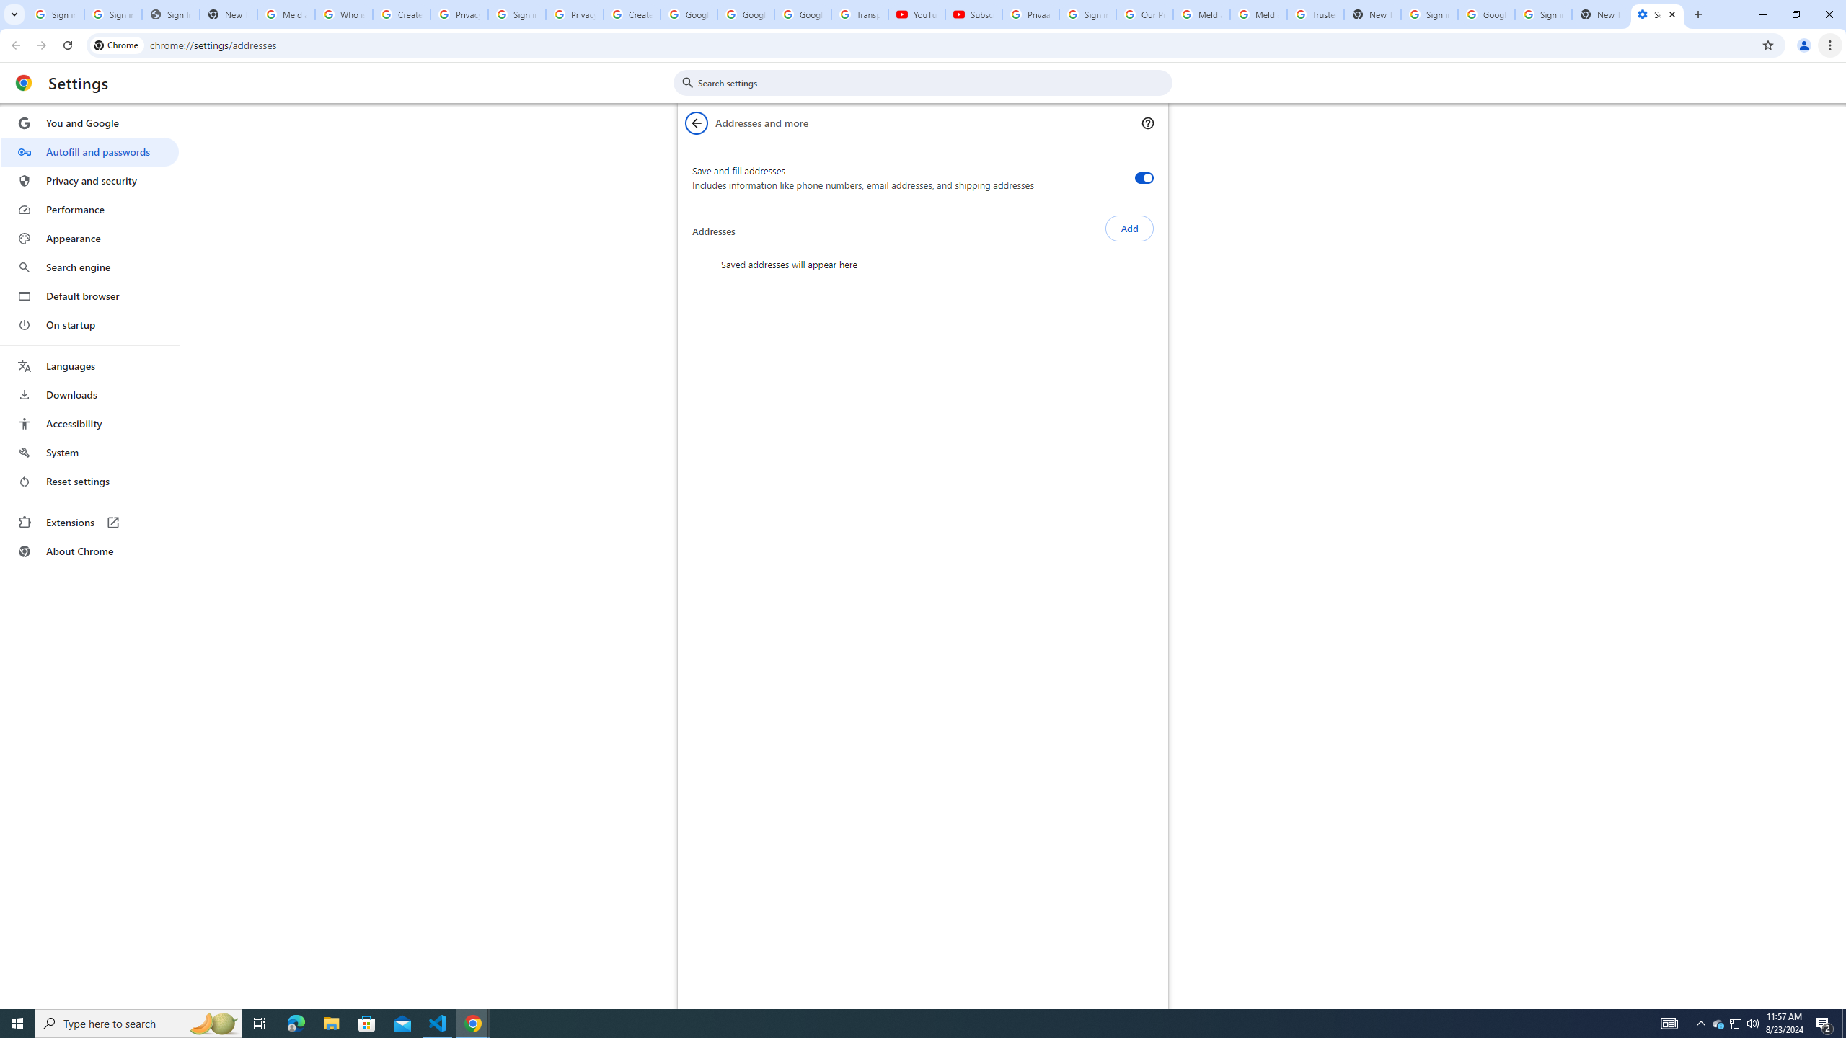  I want to click on 'On startup', so click(89, 324).